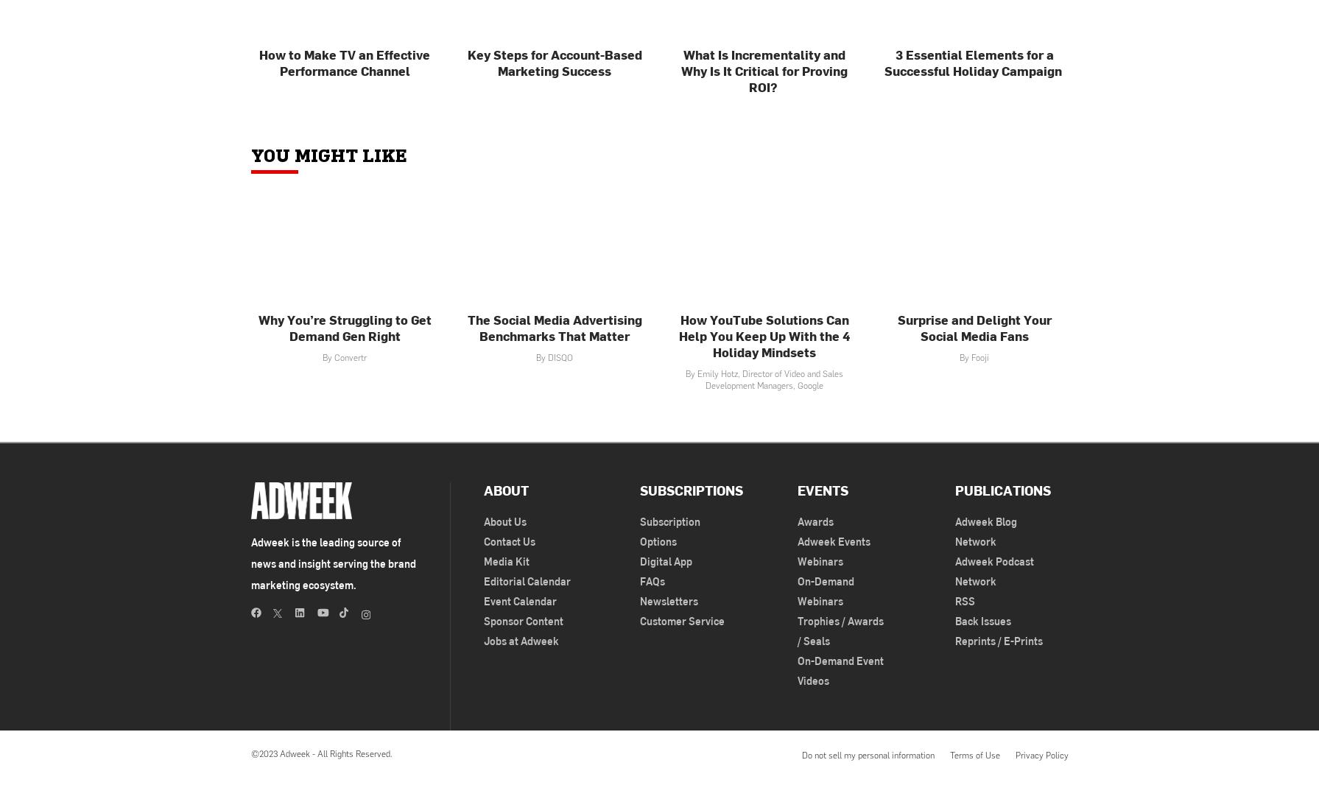 This screenshot has height=785, width=1319. I want to click on 'How YouTube Solutions Can Help You Keep Up With the 4 Holiday Mindsets', so click(678, 335).